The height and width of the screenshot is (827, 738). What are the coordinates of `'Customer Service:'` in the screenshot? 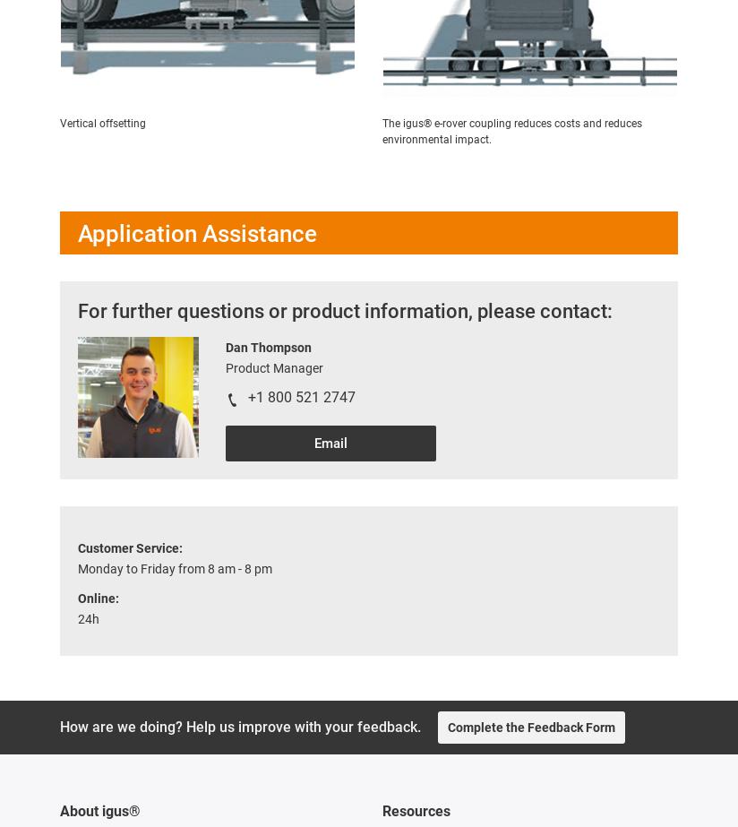 It's located at (129, 547).